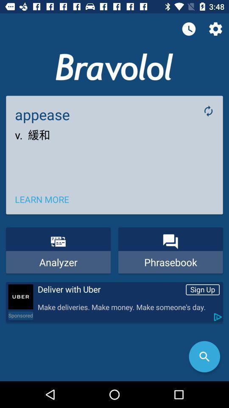  What do you see at coordinates (110, 289) in the screenshot?
I see `the icon to the left of sign up icon` at bounding box center [110, 289].